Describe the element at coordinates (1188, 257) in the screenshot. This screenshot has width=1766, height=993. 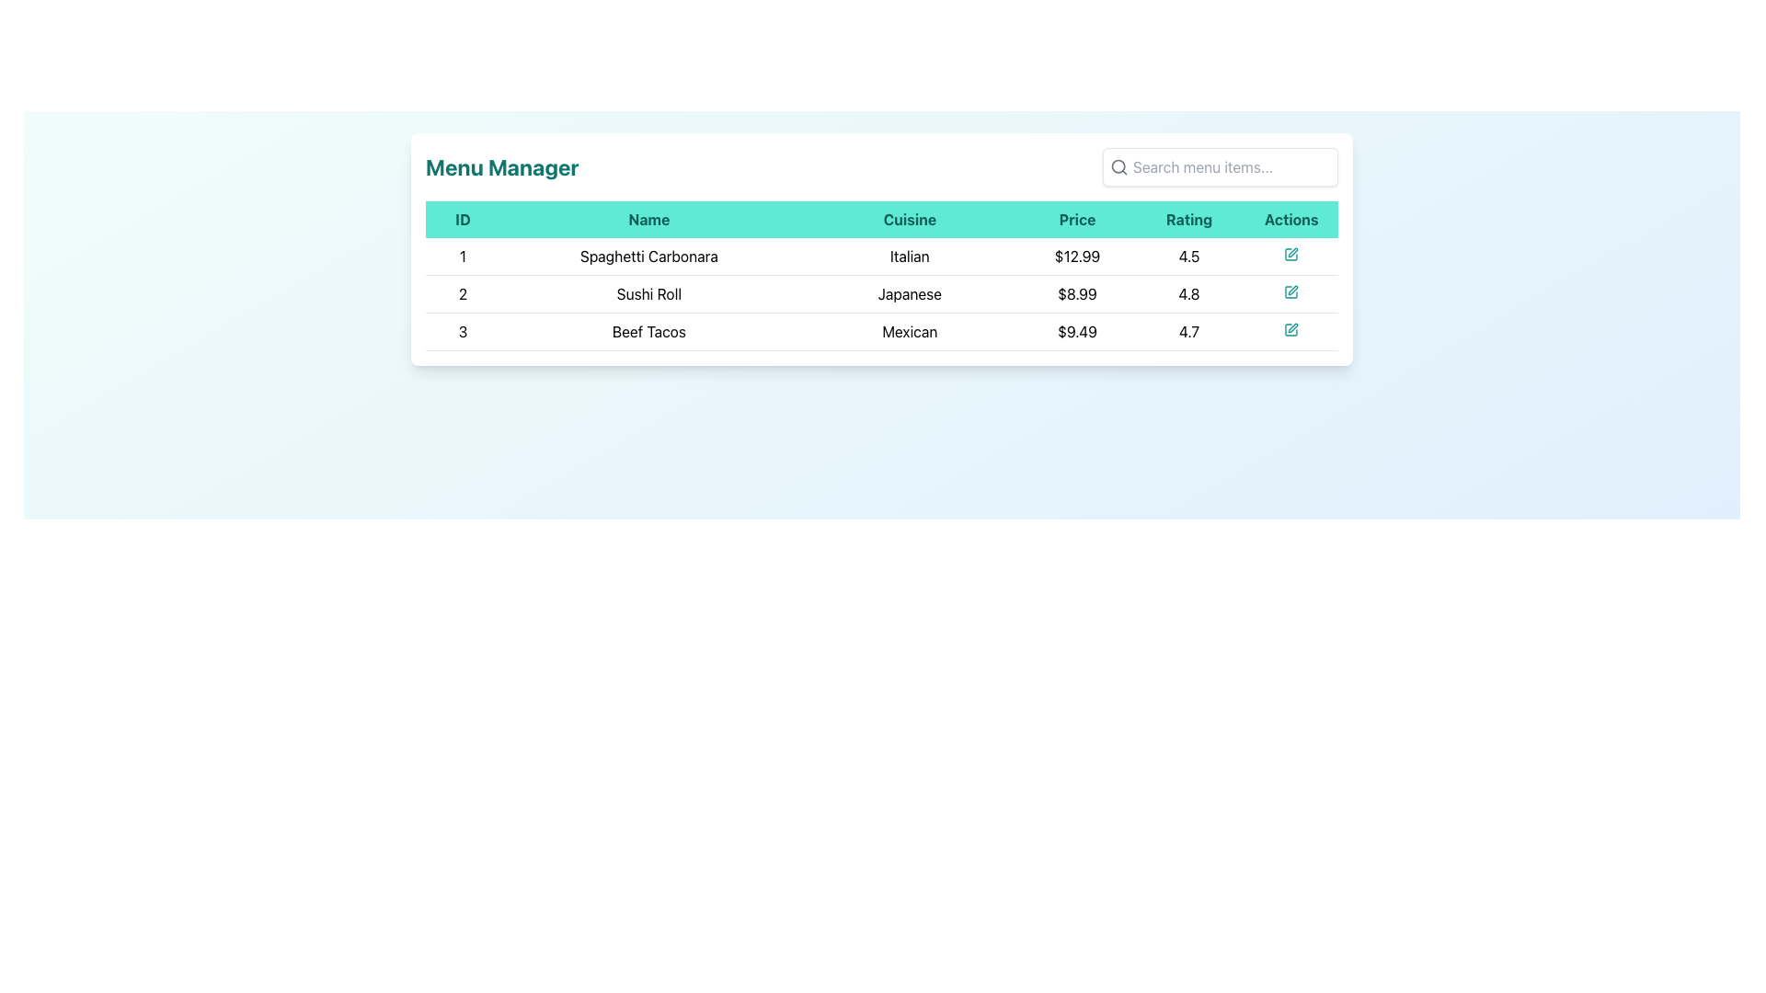
I see `value displayed as '4.5' in the 'Rating' column of the table row for 'Spaghetti Carbonara.'` at that location.